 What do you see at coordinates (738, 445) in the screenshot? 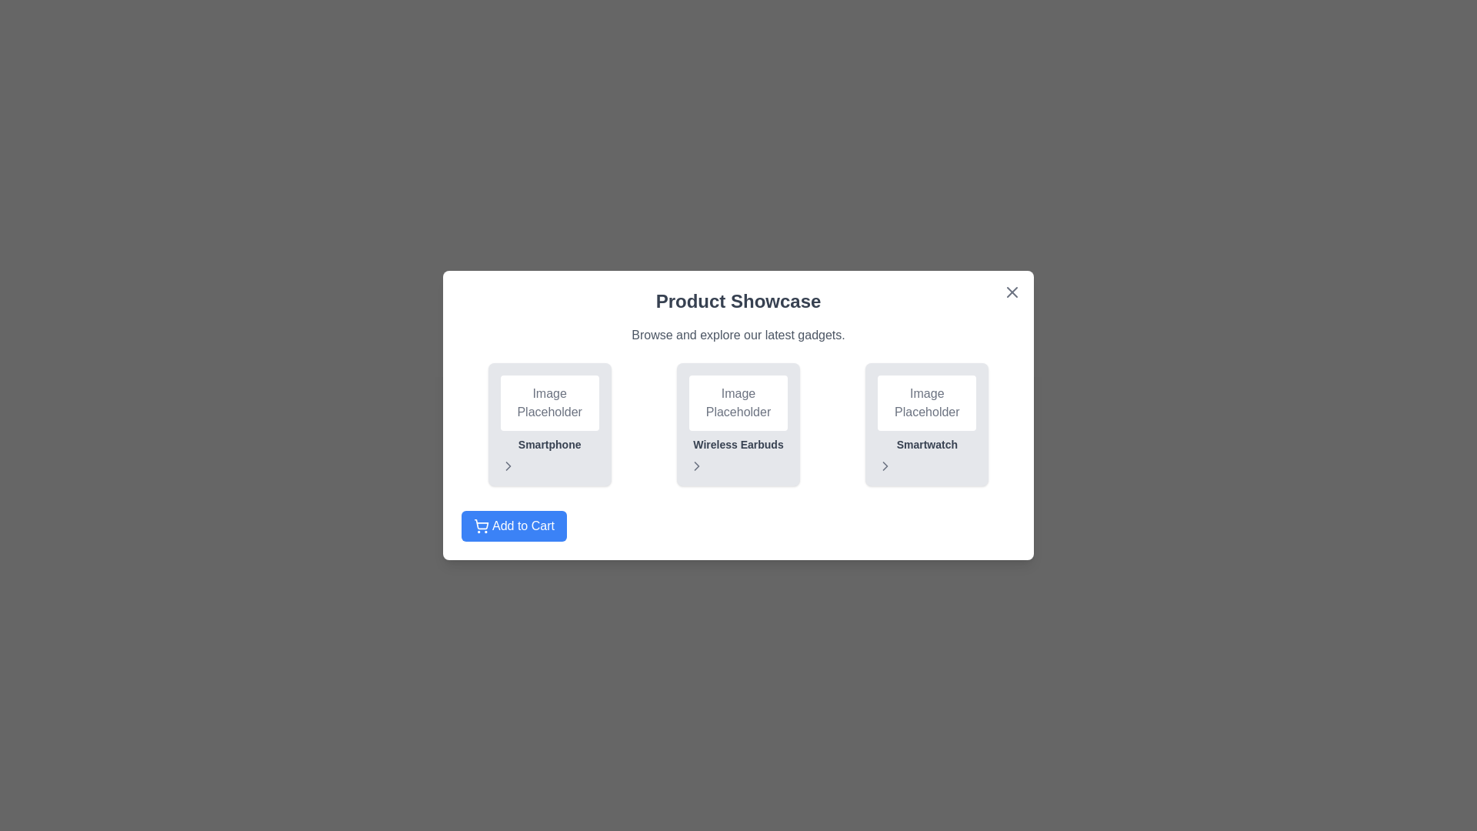
I see `text label that describes the product 'Wireless Earbuds' located in the center of the product showcase interface` at bounding box center [738, 445].